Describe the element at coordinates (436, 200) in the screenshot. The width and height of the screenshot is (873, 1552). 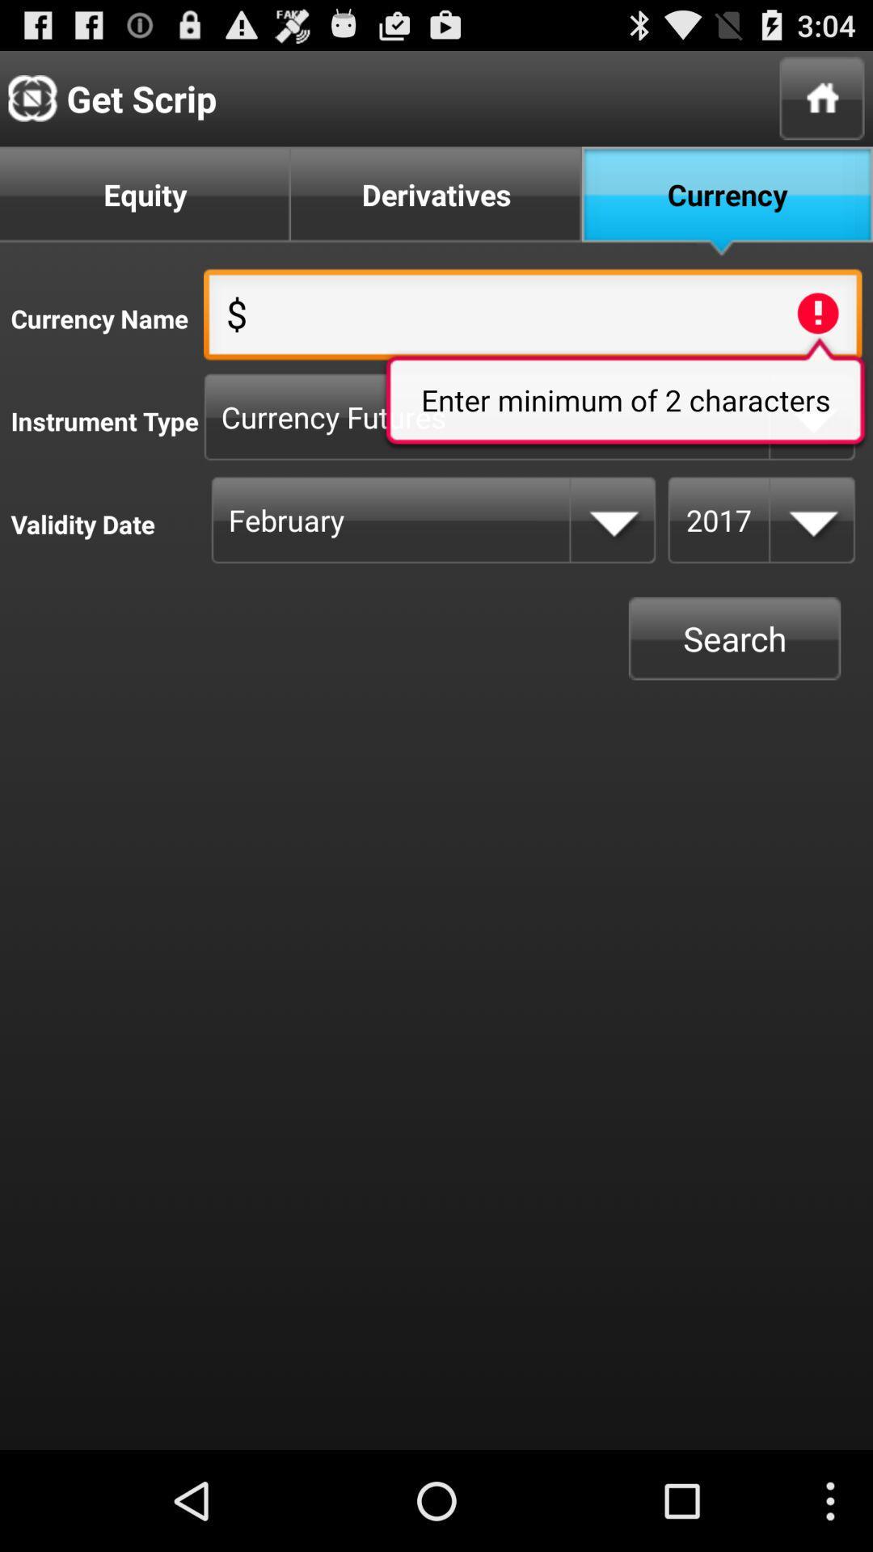
I see `the tab derivatives on the web page` at that location.